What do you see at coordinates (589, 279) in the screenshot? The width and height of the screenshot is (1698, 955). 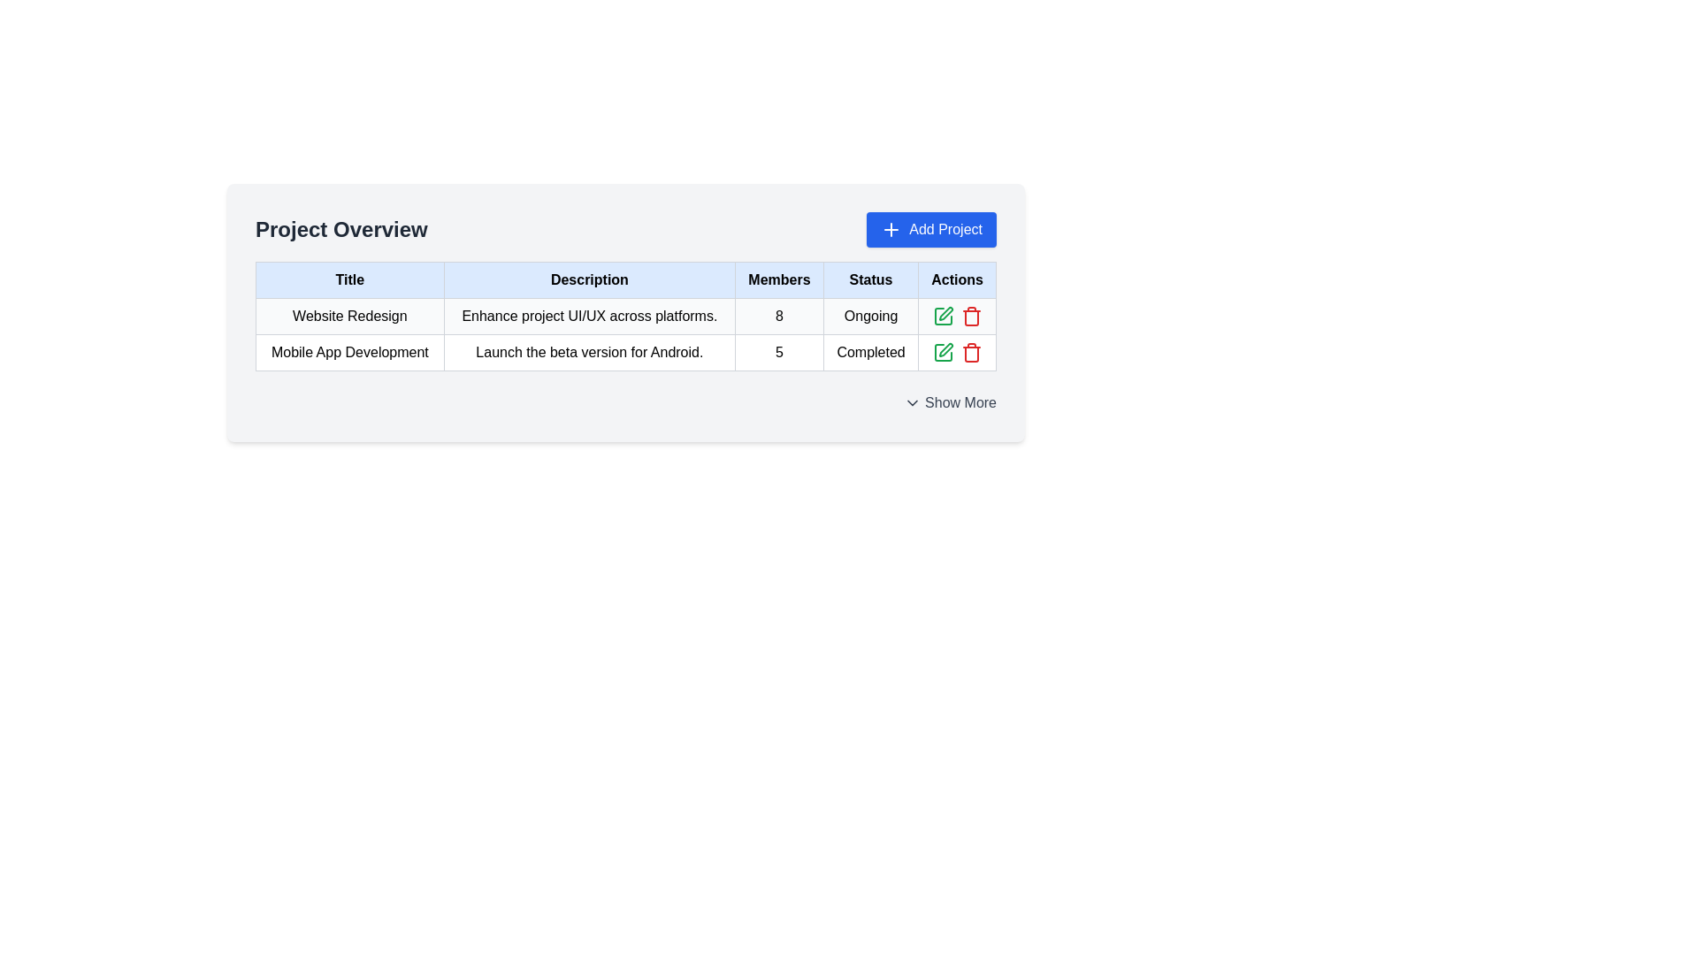 I see `the Table Header Cell for the 'Description' column, located in the second column of the table header row within the 'Project Overview' section` at bounding box center [589, 279].